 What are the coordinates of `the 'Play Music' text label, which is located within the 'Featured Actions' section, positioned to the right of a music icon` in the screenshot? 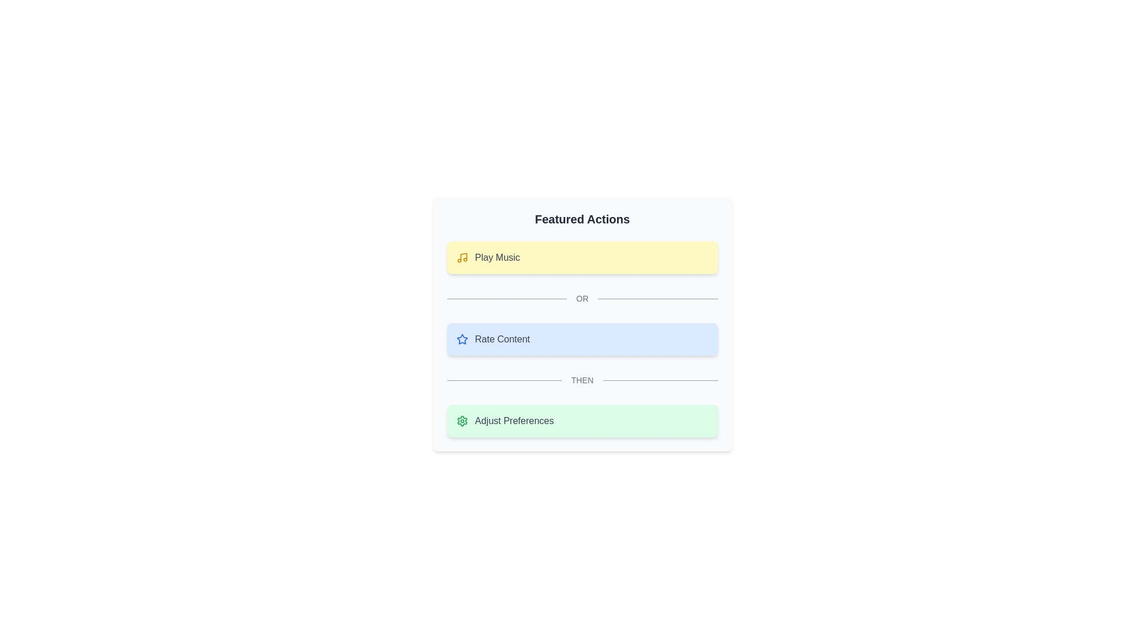 It's located at (497, 257).